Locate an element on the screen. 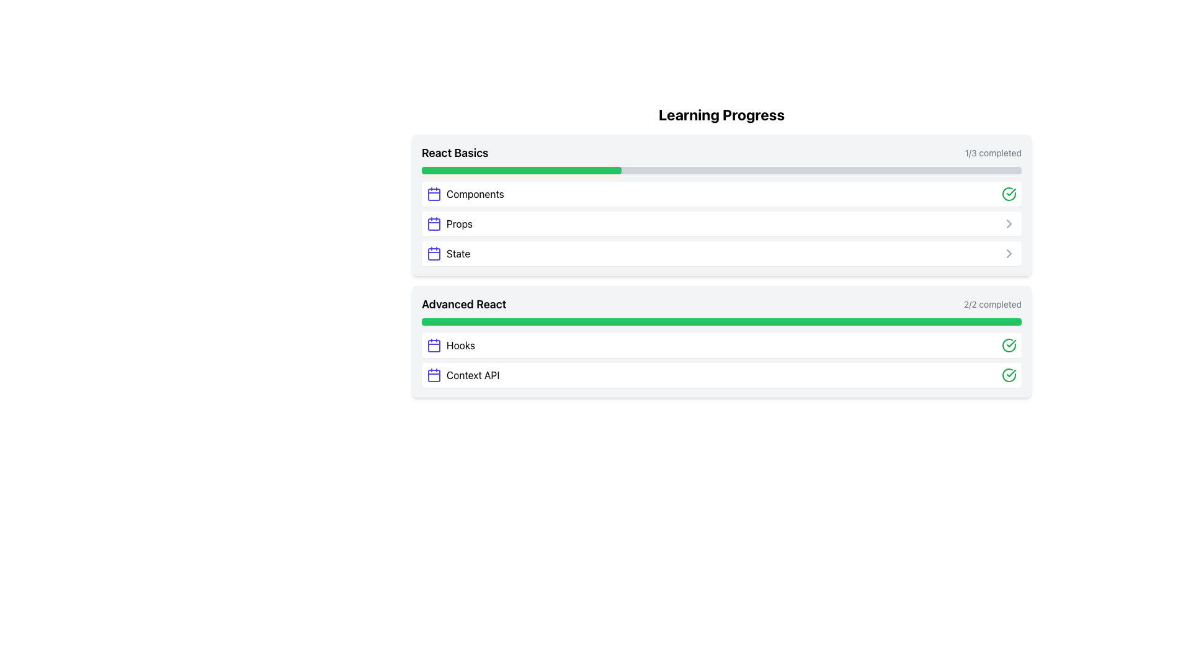 This screenshot has width=1191, height=670. the 'Hooks' text label which indicates a section under 'Advanced React' is located at coordinates (460, 345).